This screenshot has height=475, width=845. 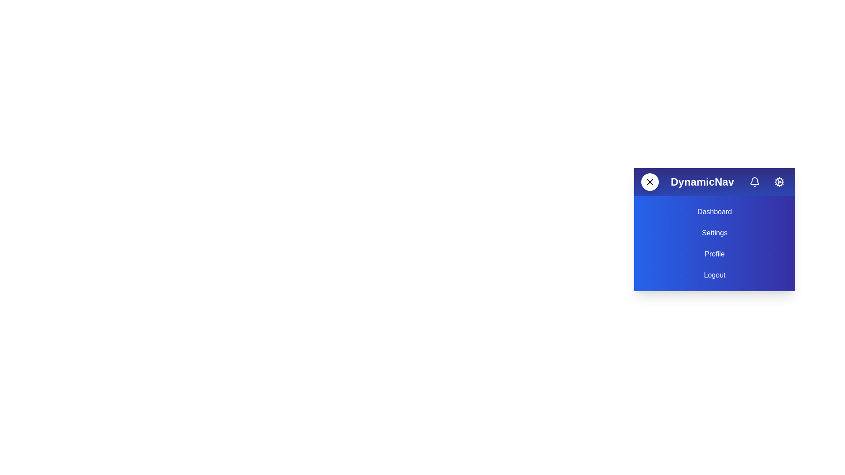 What do you see at coordinates (754, 181) in the screenshot?
I see `the notification button to trigger its functionality` at bounding box center [754, 181].